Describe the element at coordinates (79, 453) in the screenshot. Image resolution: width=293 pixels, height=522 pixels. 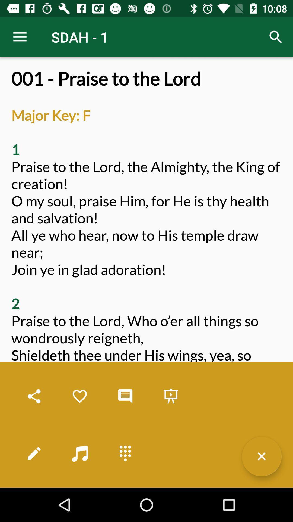
I see `the music icon` at that location.